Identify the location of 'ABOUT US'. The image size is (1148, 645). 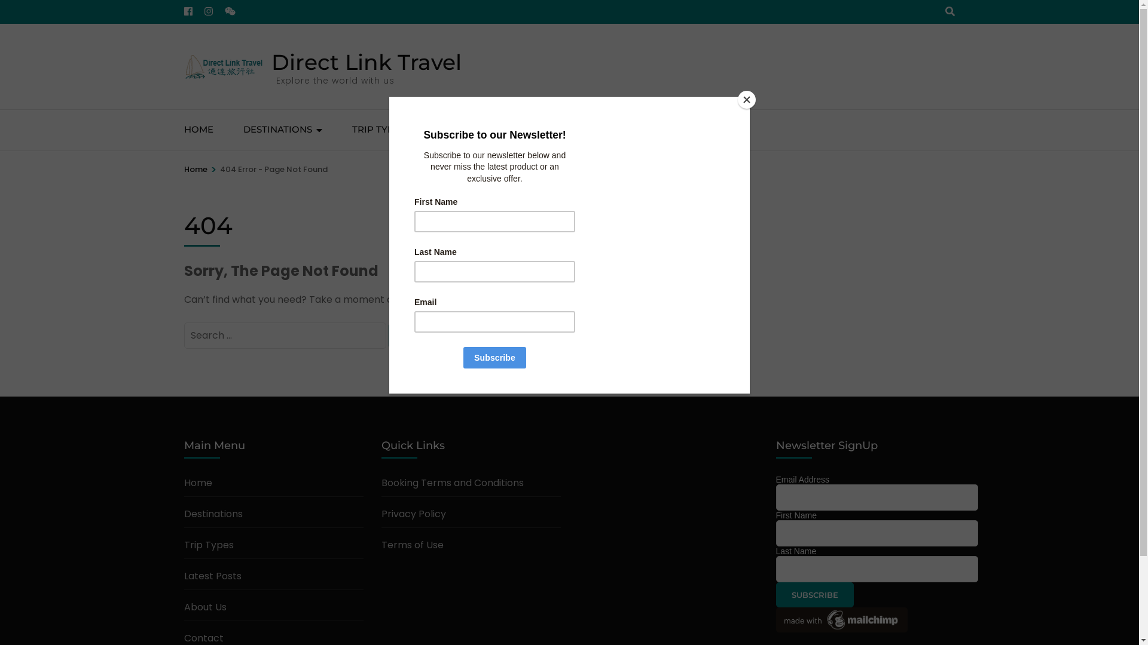
(584, 130).